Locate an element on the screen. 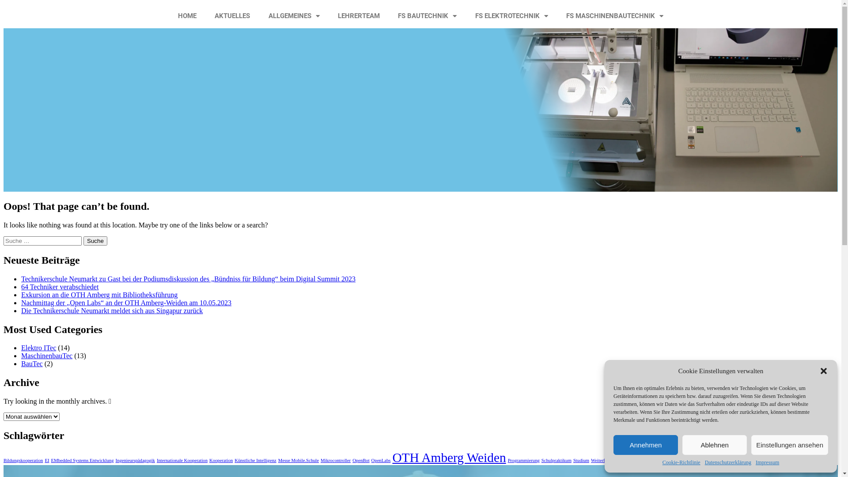 The width and height of the screenshot is (848, 477). '64 Techniker verabschiedet' is located at coordinates (59, 287).